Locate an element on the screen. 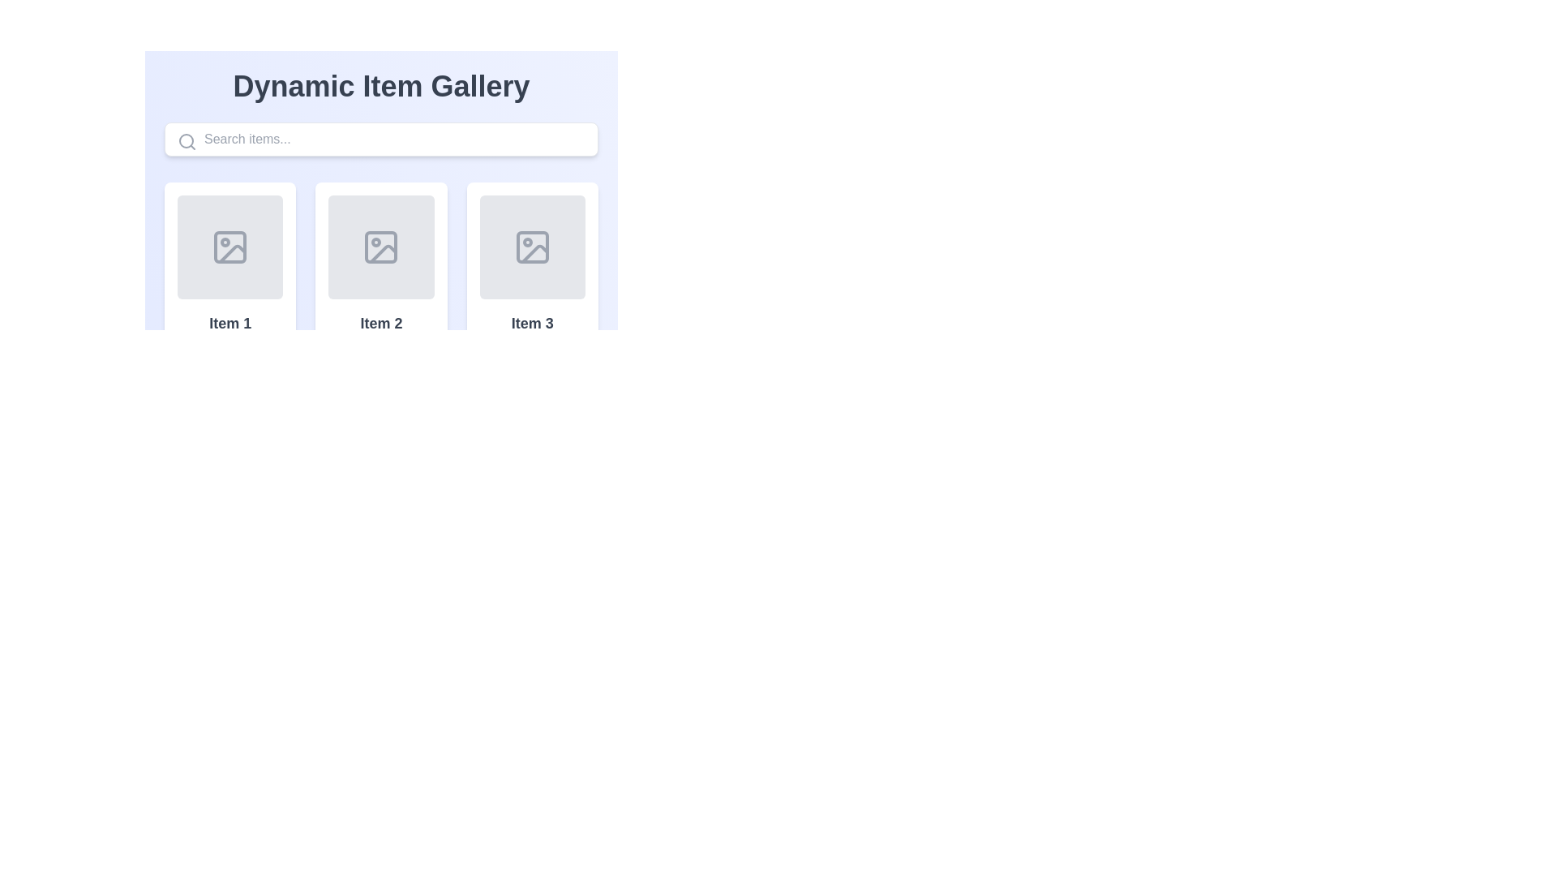  header text 'Dynamic Item Gallery' which is prominently displayed at the top of the interface in a bold, large font, centered with gray color on a light background is located at coordinates (380, 87).